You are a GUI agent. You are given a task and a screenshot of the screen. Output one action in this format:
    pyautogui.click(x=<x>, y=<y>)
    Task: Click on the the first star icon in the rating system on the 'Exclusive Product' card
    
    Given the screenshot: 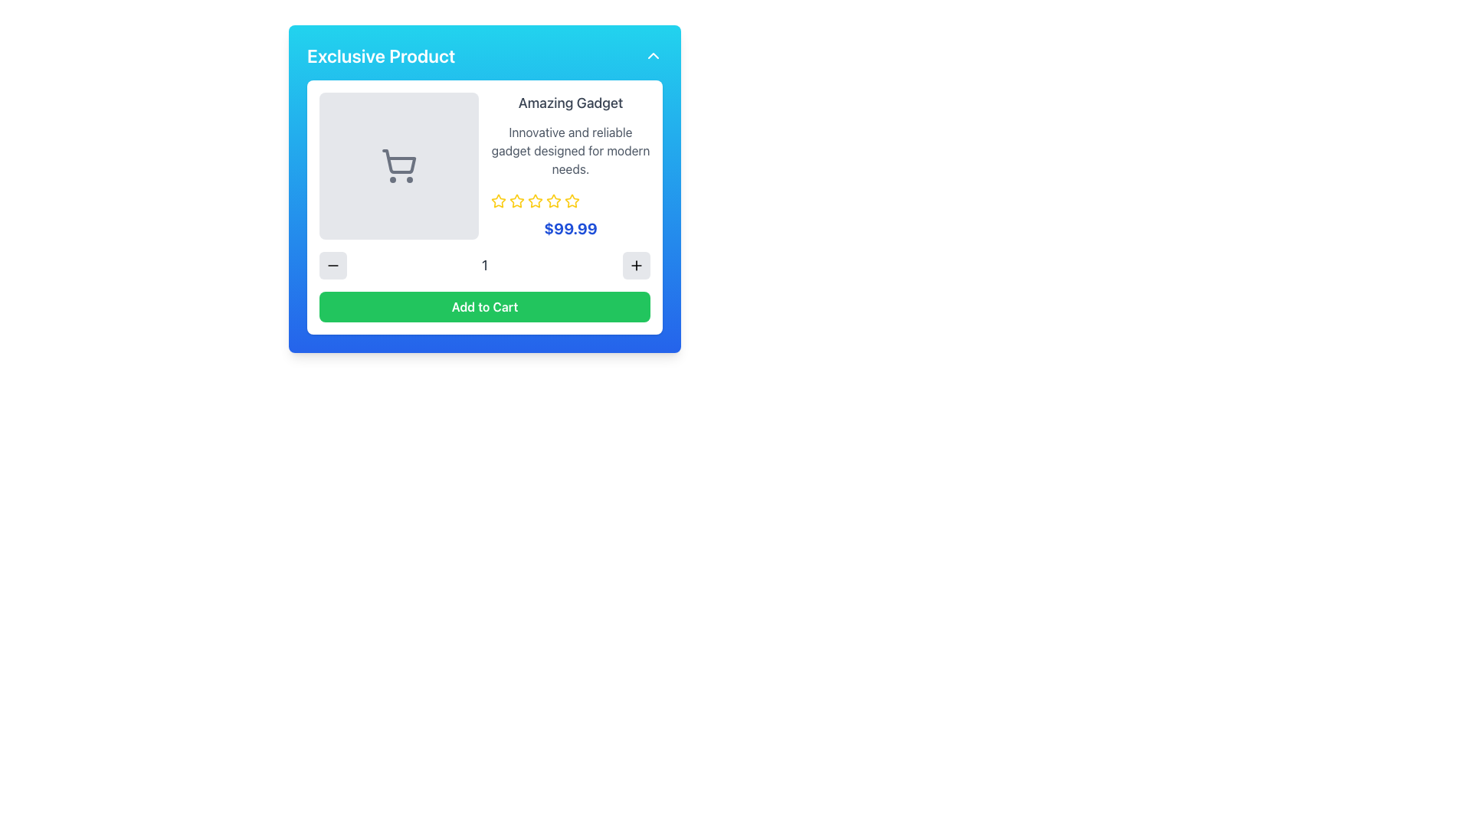 What is the action you would take?
    pyautogui.click(x=499, y=200)
    